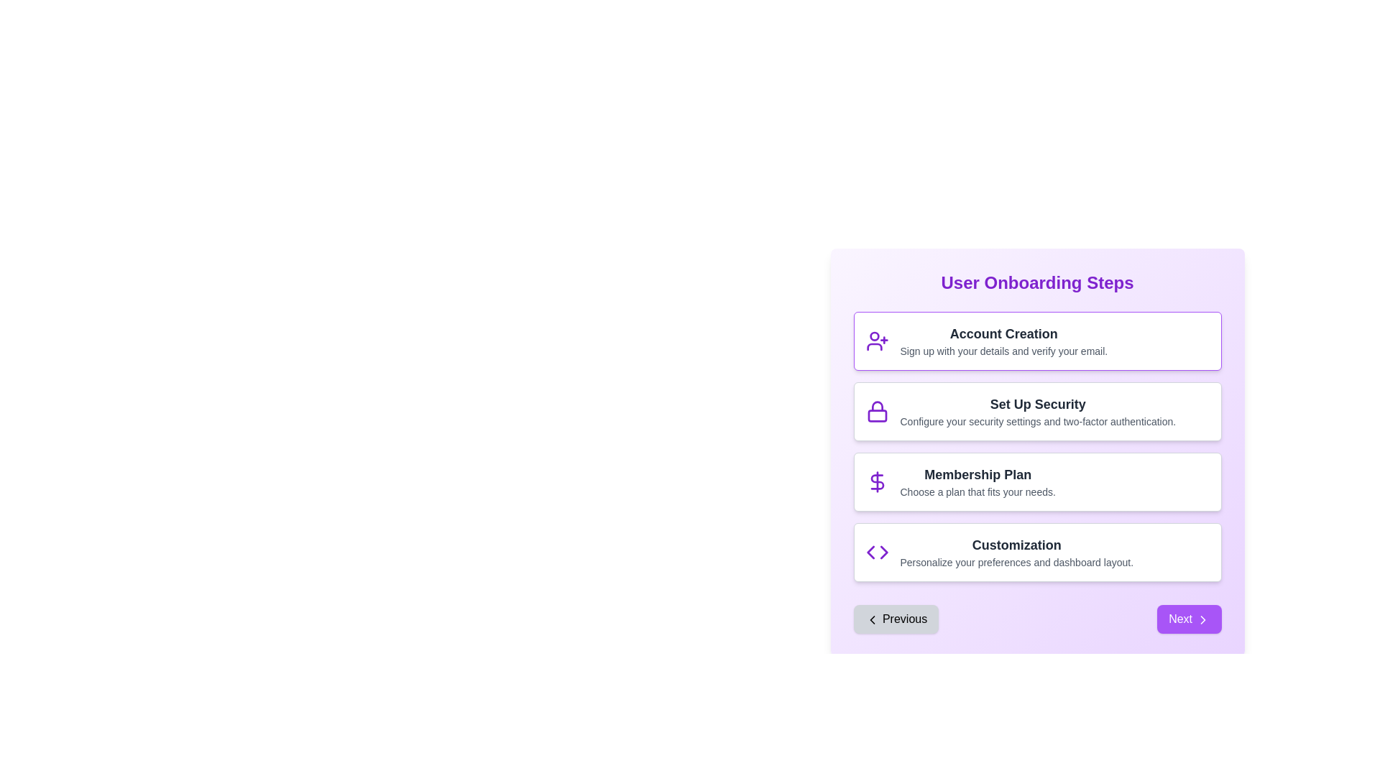 Image resolution: width=1380 pixels, height=776 pixels. What do you see at coordinates (1016, 562) in the screenshot?
I see `descriptive text located under the title 'Customization' in the fourth onboarding step of the interface, styled in smaller light gray font` at bounding box center [1016, 562].